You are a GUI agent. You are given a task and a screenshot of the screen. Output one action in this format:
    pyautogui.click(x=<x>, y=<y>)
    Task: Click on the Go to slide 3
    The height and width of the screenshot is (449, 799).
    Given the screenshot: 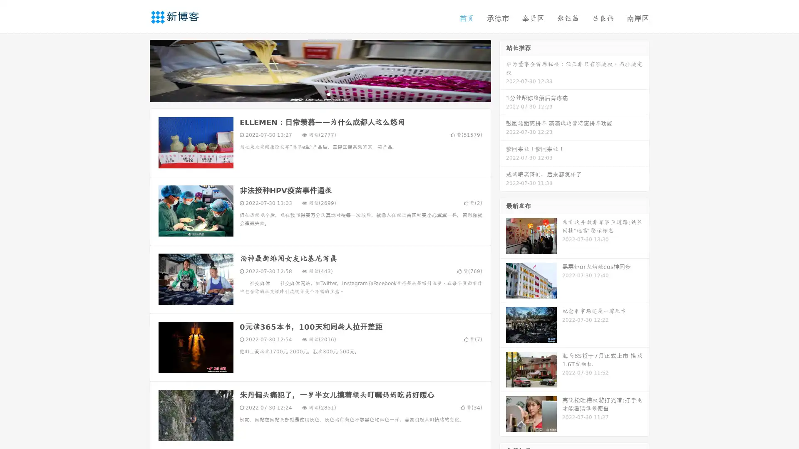 What is the action you would take?
    pyautogui.click(x=328, y=94)
    